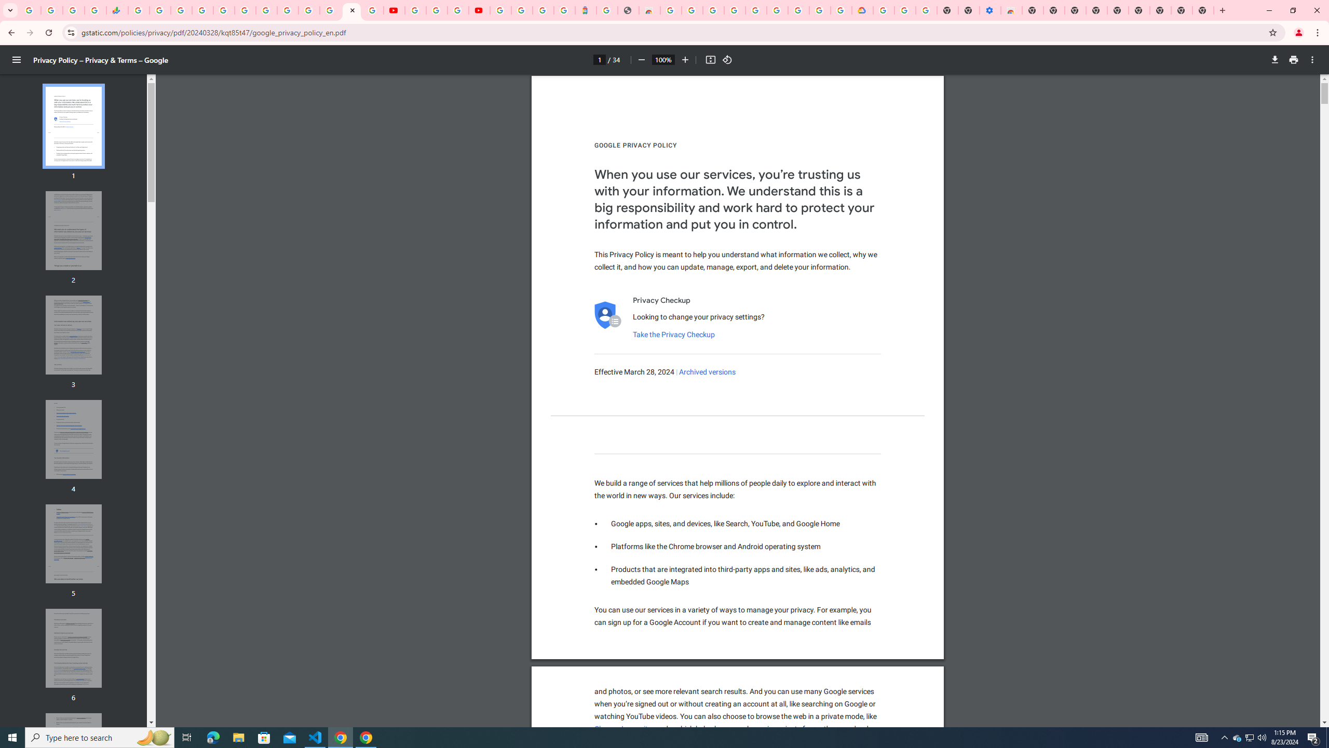 The image size is (1329, 748). I want to click on 'Take the Privacy Checkup', so click(673, 334).